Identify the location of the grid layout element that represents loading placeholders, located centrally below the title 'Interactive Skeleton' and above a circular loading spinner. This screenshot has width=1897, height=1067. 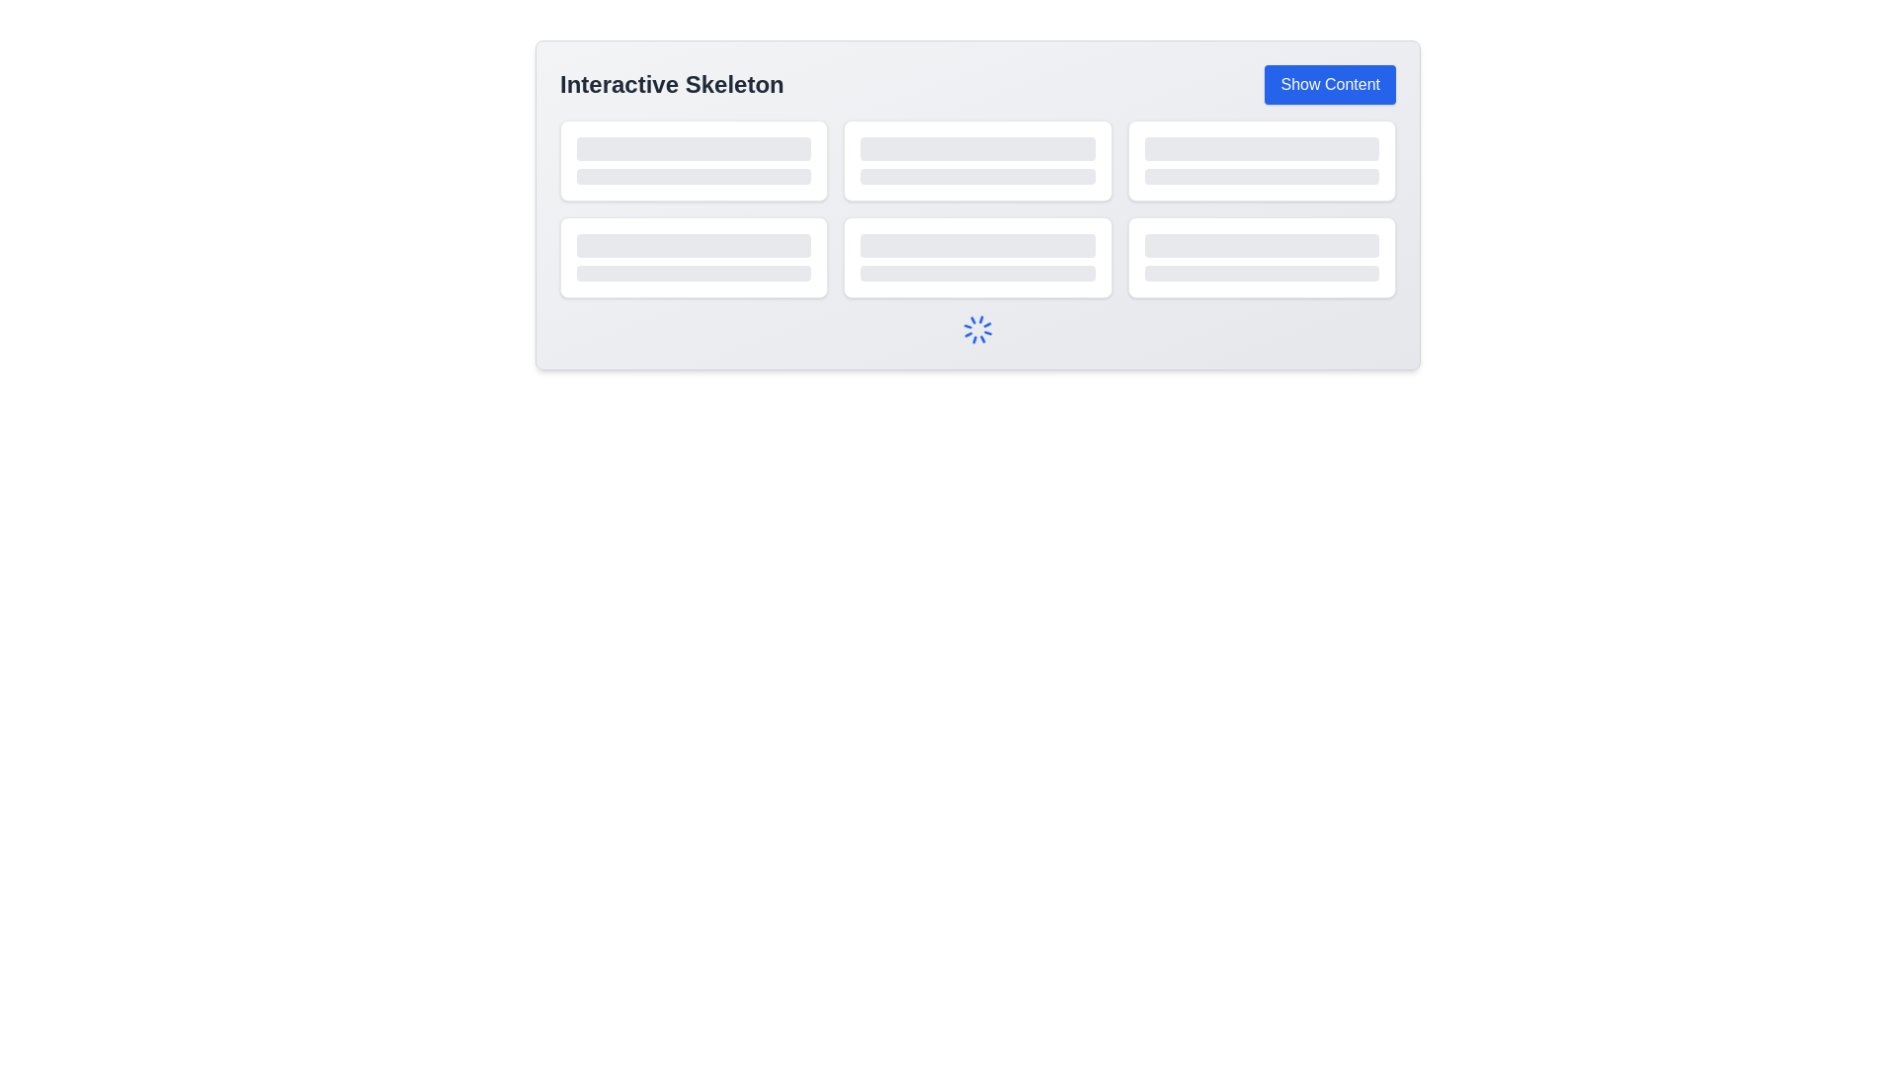
(977, 209).